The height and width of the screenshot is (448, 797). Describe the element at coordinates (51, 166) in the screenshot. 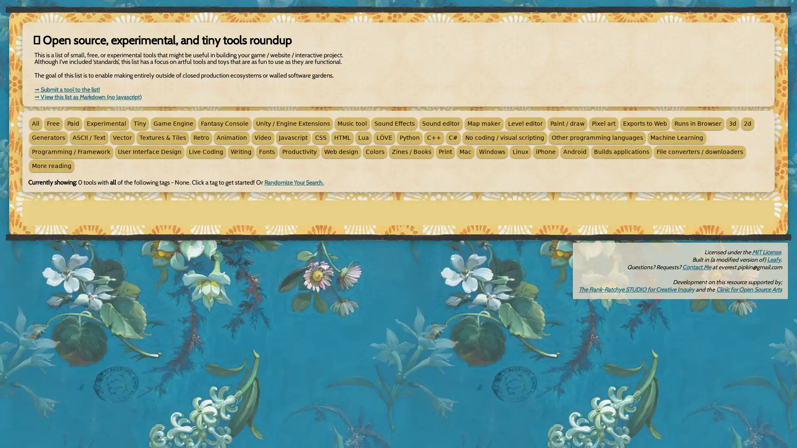

I see `More reading` at that location.